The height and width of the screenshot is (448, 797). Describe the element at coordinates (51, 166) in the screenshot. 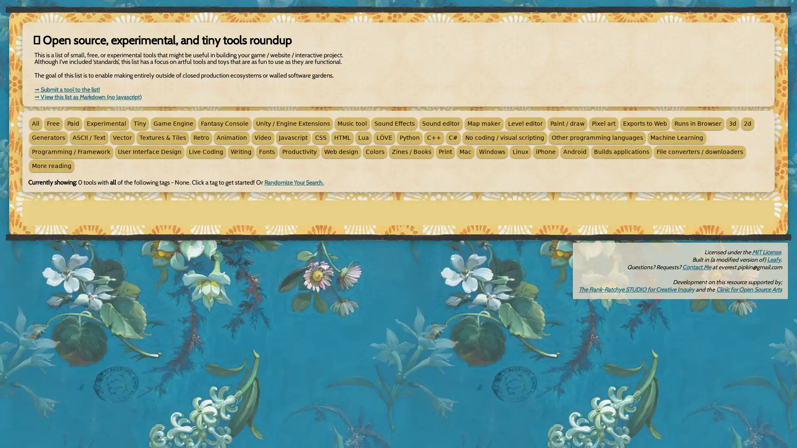

I see `More reading` at that location.